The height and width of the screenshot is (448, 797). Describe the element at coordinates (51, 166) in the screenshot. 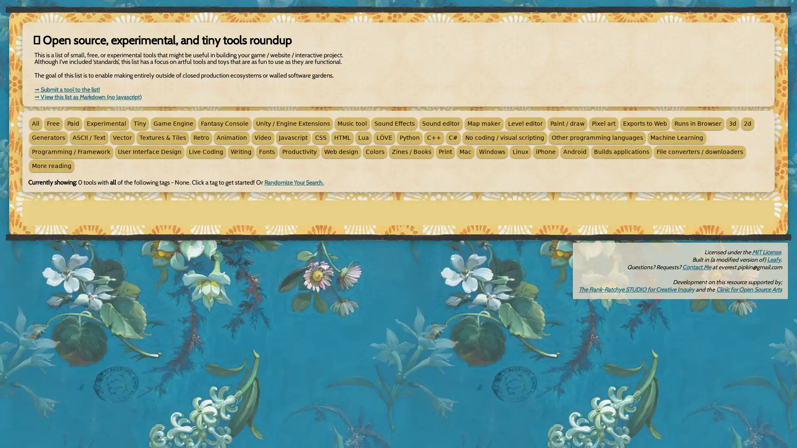

I see `More reading` at that location.